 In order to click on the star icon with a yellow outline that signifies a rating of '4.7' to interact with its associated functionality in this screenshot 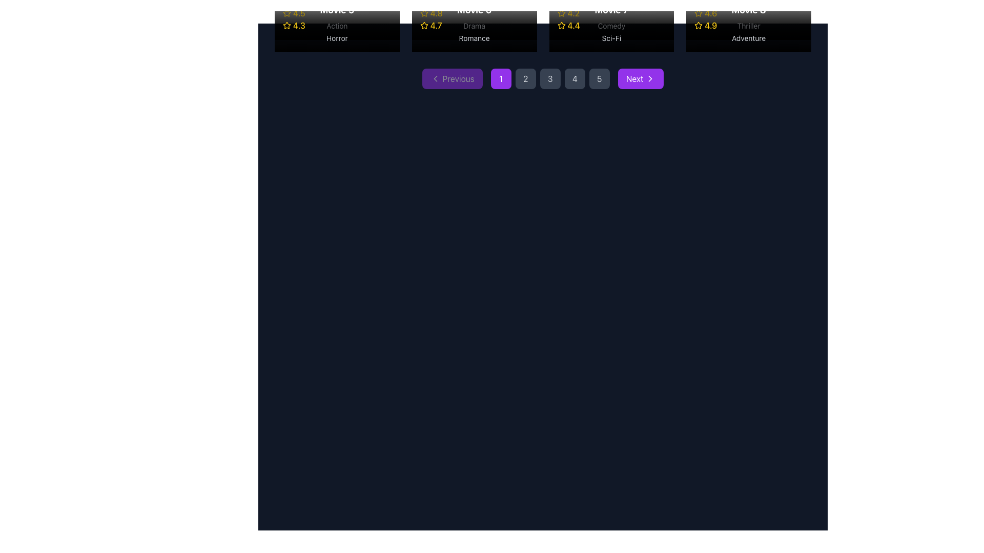, I will do `click(424, 25)`.